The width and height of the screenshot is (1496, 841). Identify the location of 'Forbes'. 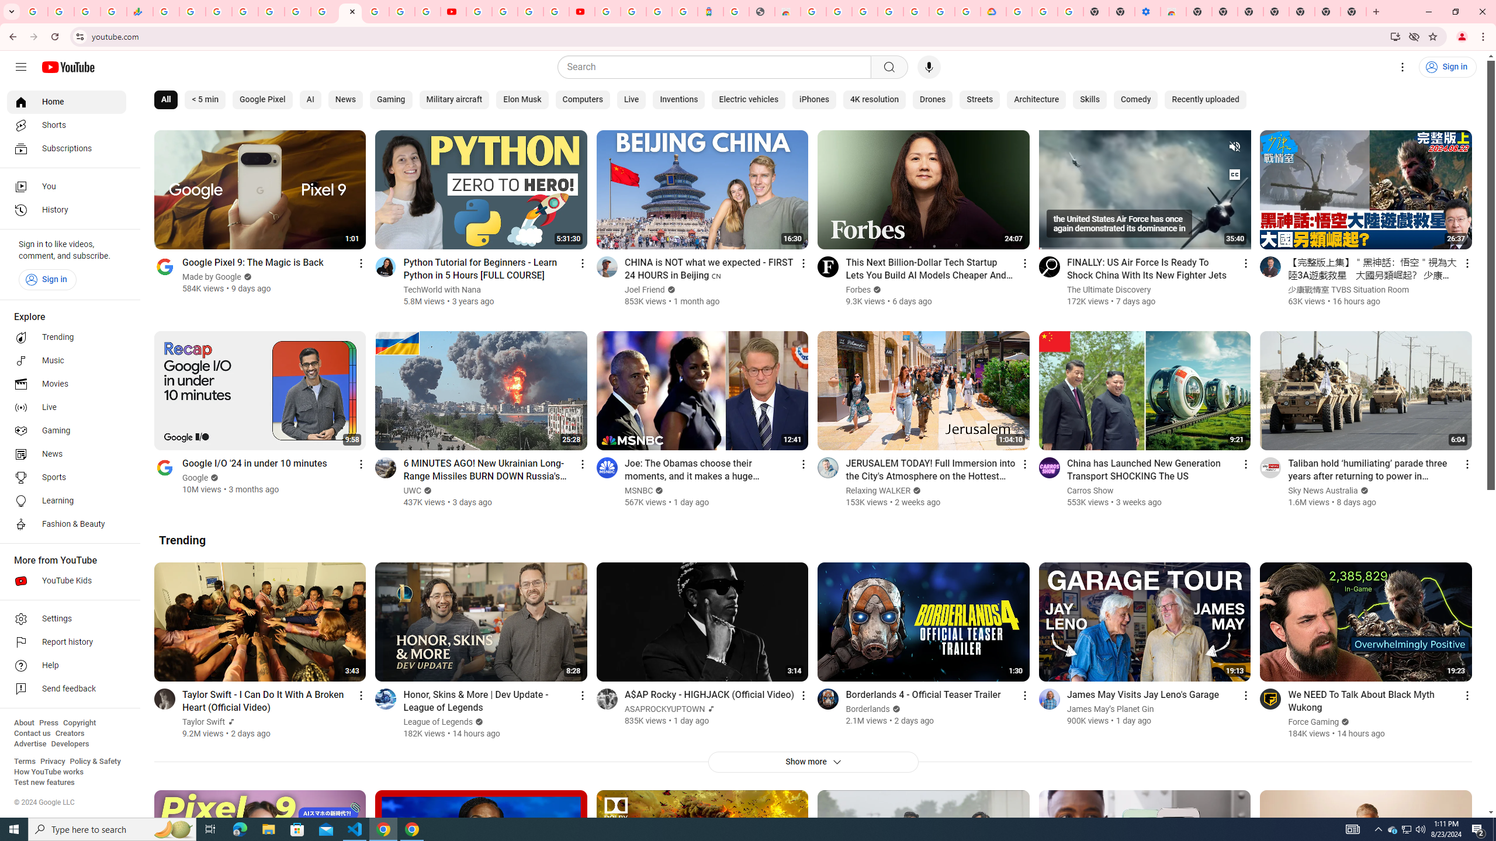
(858, 289).